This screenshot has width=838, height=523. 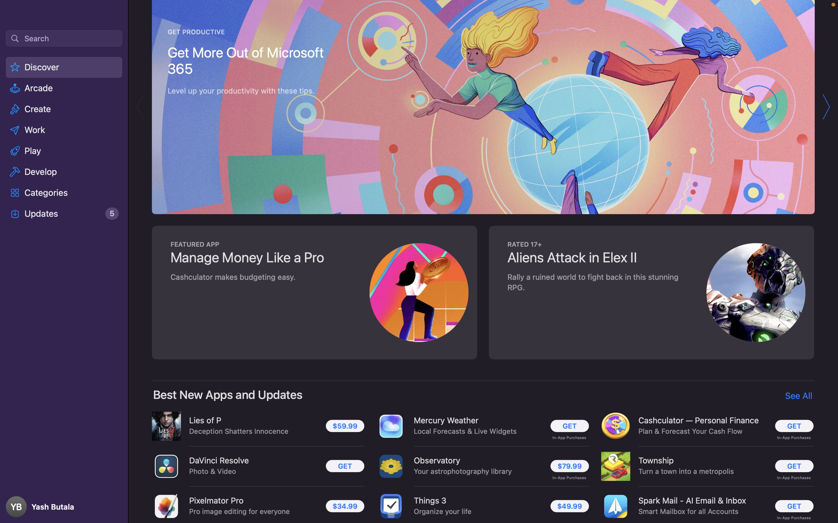 I want to click on the "Discover" section, so click(x=65, y=68).